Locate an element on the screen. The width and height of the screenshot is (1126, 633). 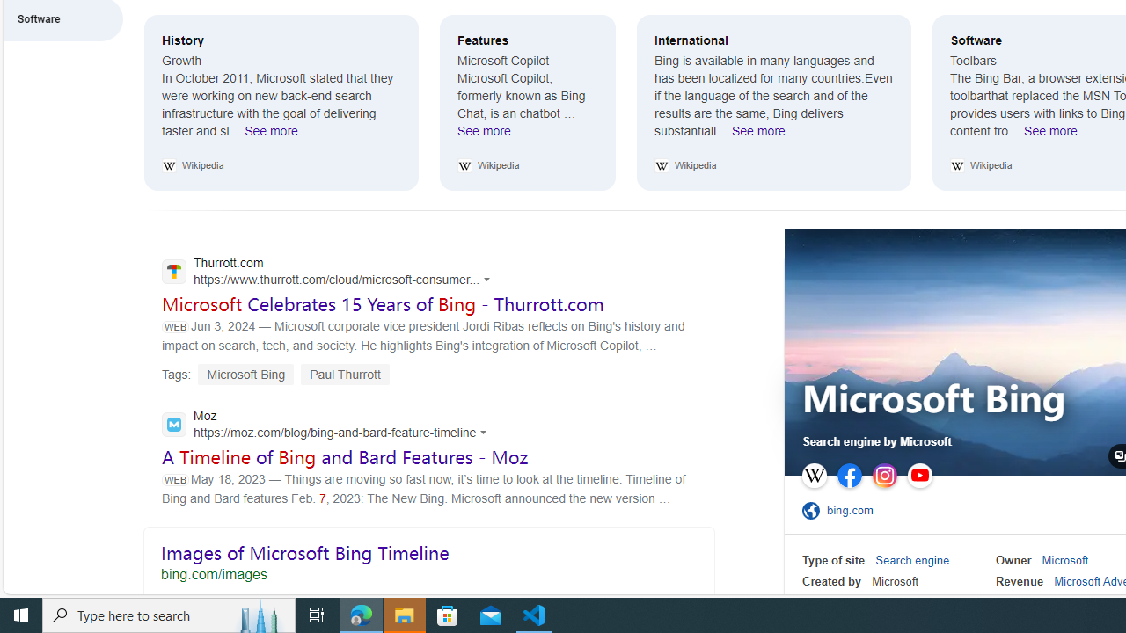
'Type of site' is located at coordinates (832, 560).